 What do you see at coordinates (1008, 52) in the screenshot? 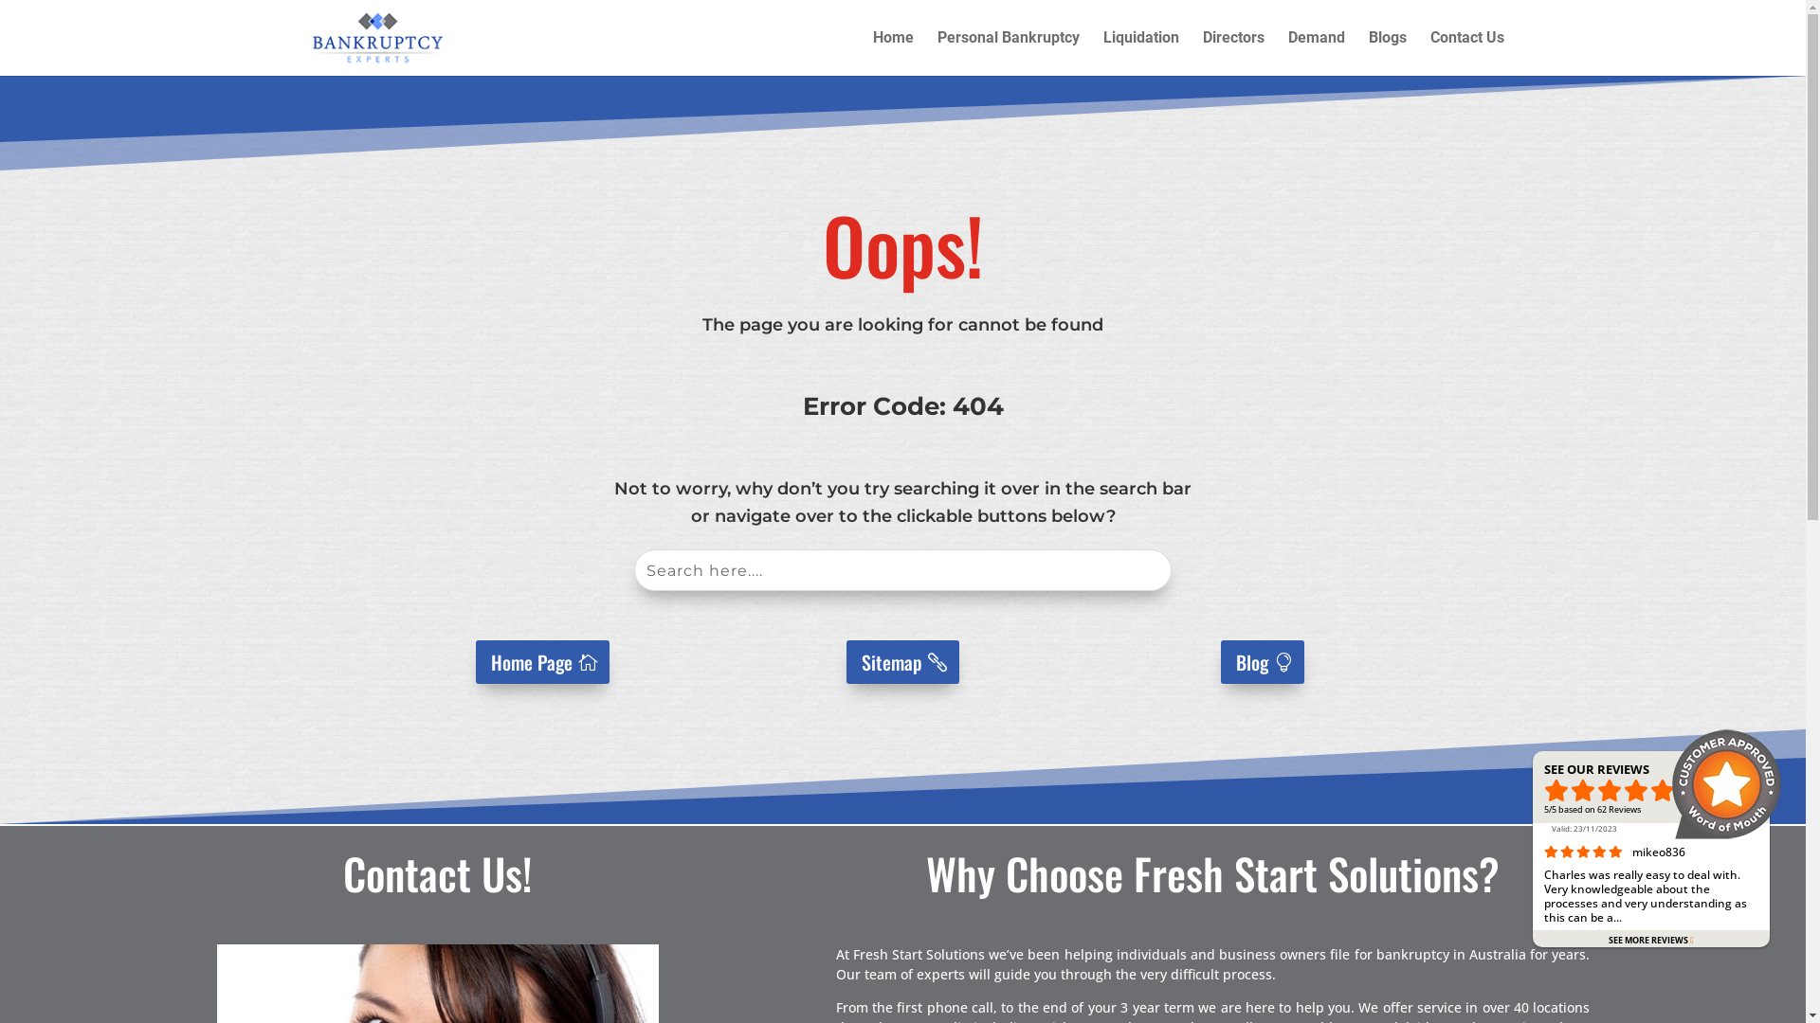
I see `'Personal Bankruptcy'` at bounding box center [1008, 52].